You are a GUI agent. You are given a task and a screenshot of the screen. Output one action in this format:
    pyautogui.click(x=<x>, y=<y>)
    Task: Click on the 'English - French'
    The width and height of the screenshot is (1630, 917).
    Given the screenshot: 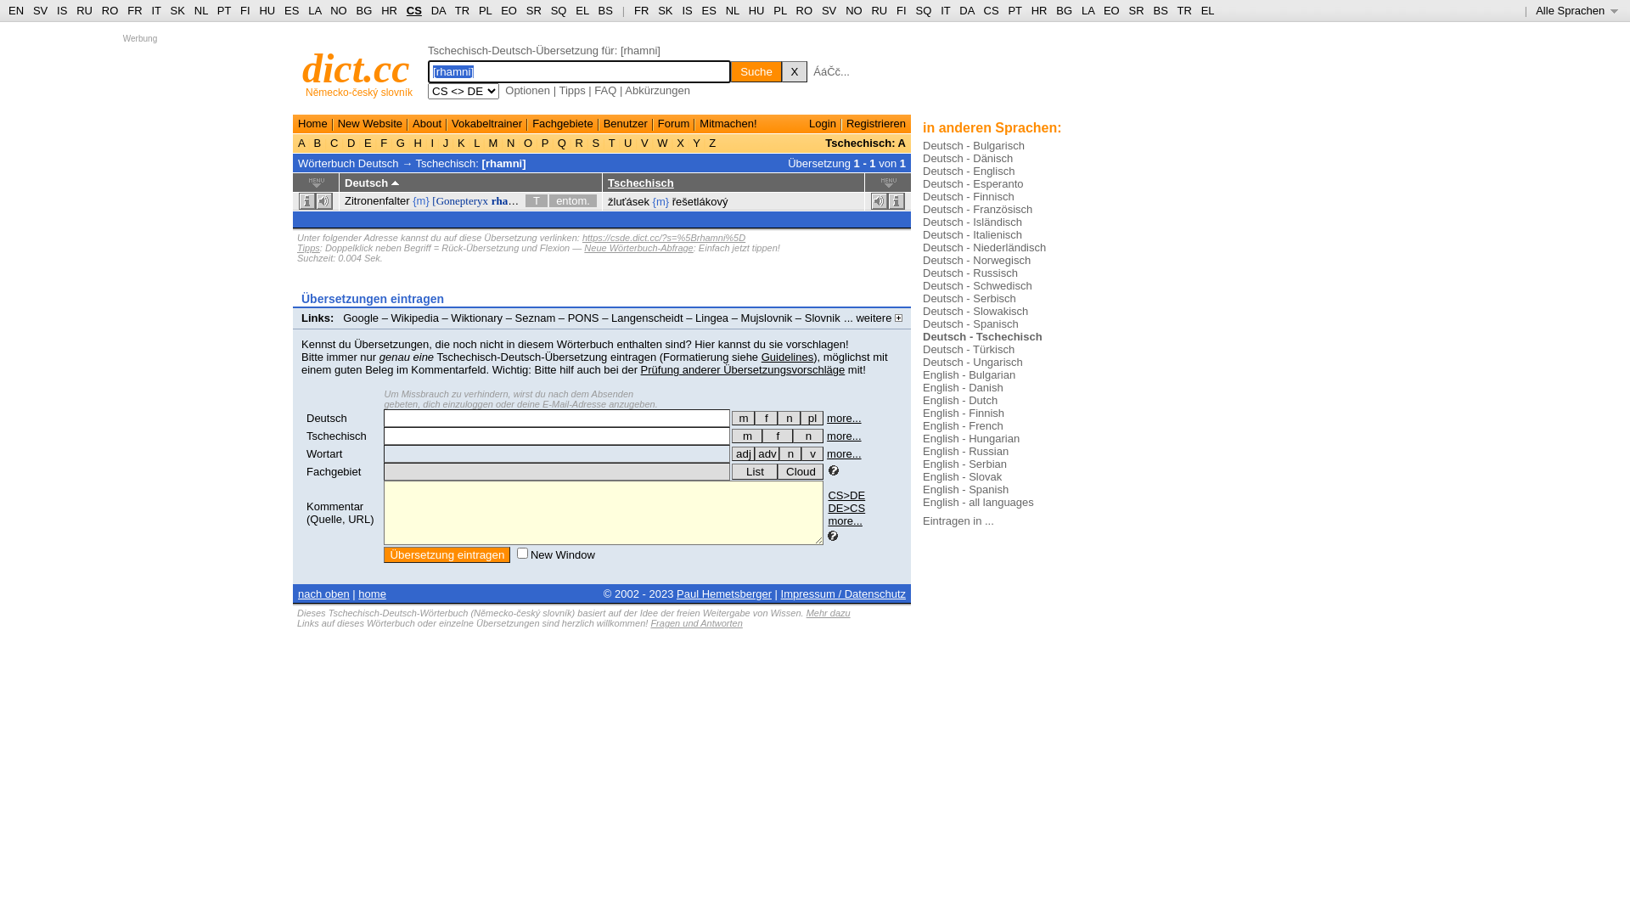 What is the action you would take?
    pyautogui.click(x=963, y=425)
    